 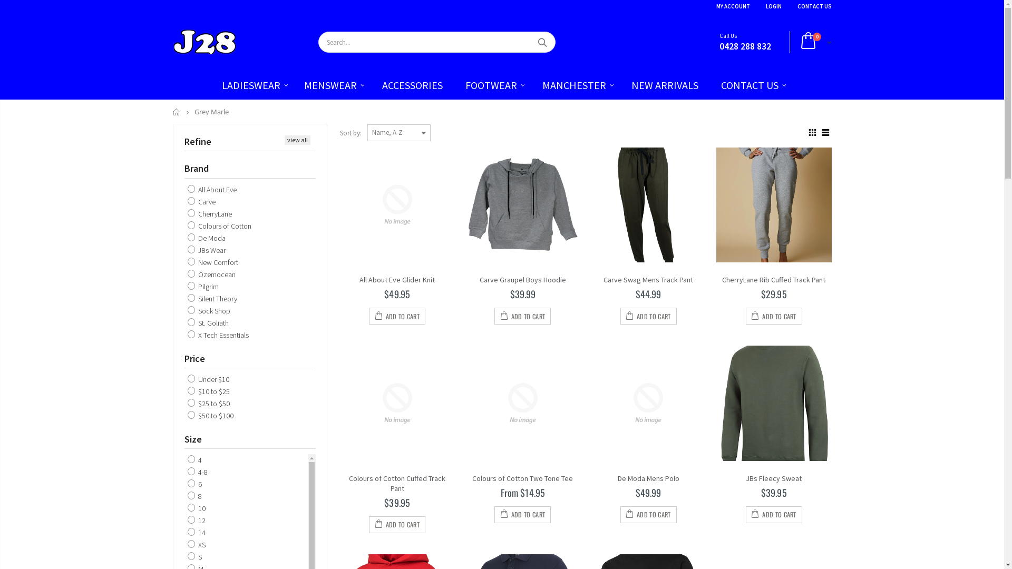 What do you see at coordinates (217, 335) in the screenshot?
I see `'X Tech Essentials'` at bounding box center [217, 335].